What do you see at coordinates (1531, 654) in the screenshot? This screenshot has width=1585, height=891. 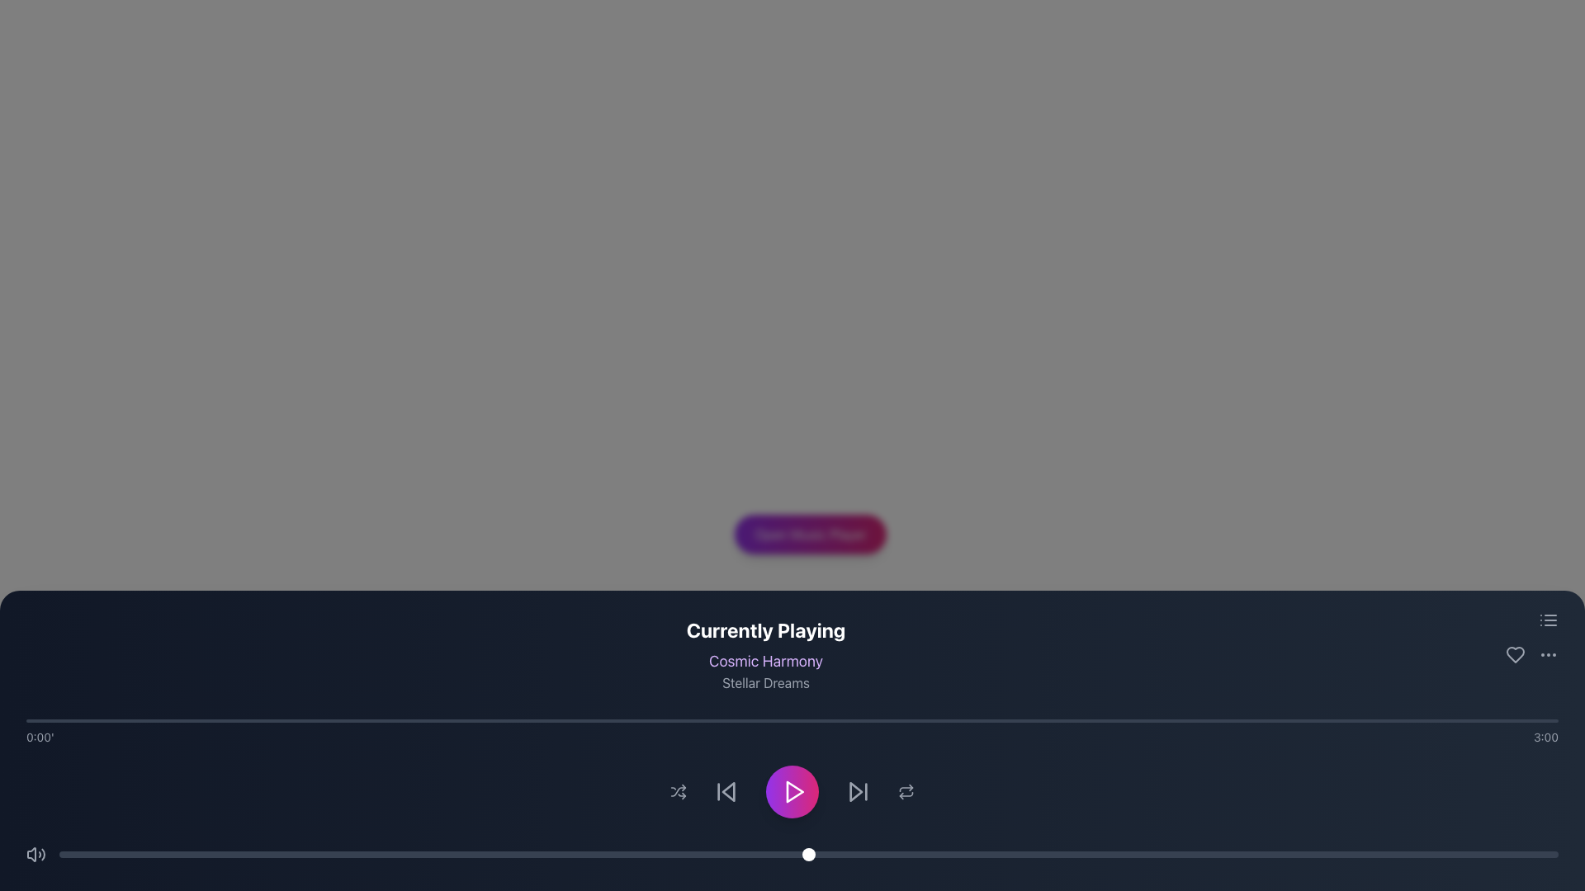 I see `the Icon button located at the top-right corner of the media player control bar` at bounding box center [1531, 654].